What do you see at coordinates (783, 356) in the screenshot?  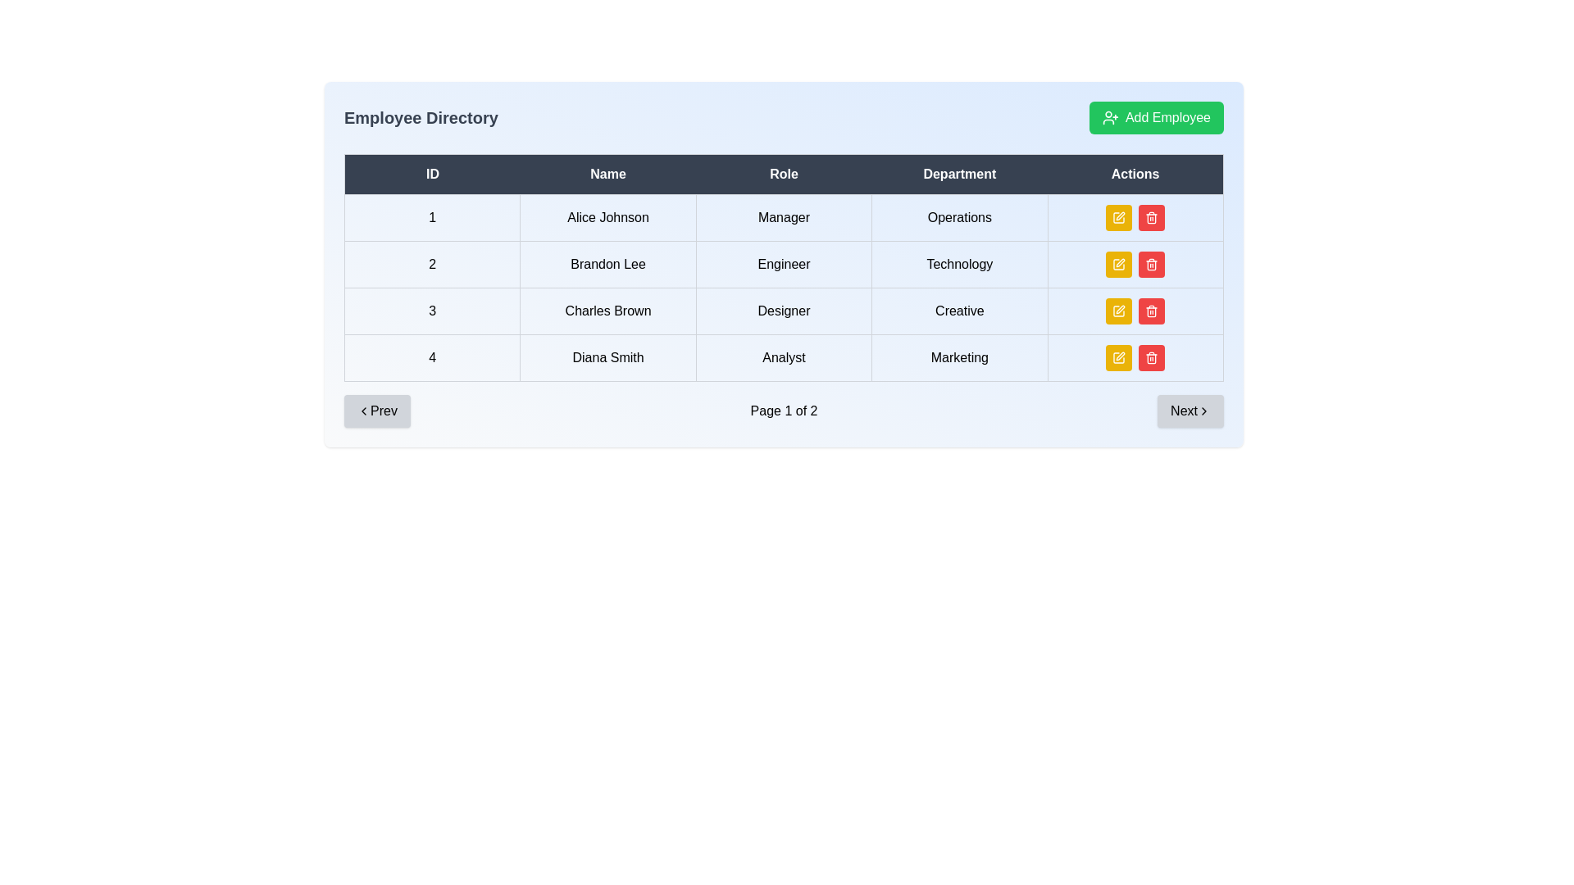 I see `the static text display in the third column of the fourth row, which indicates the role designation of the employee 'Diana Smith'` at bounding box center [783, 356].